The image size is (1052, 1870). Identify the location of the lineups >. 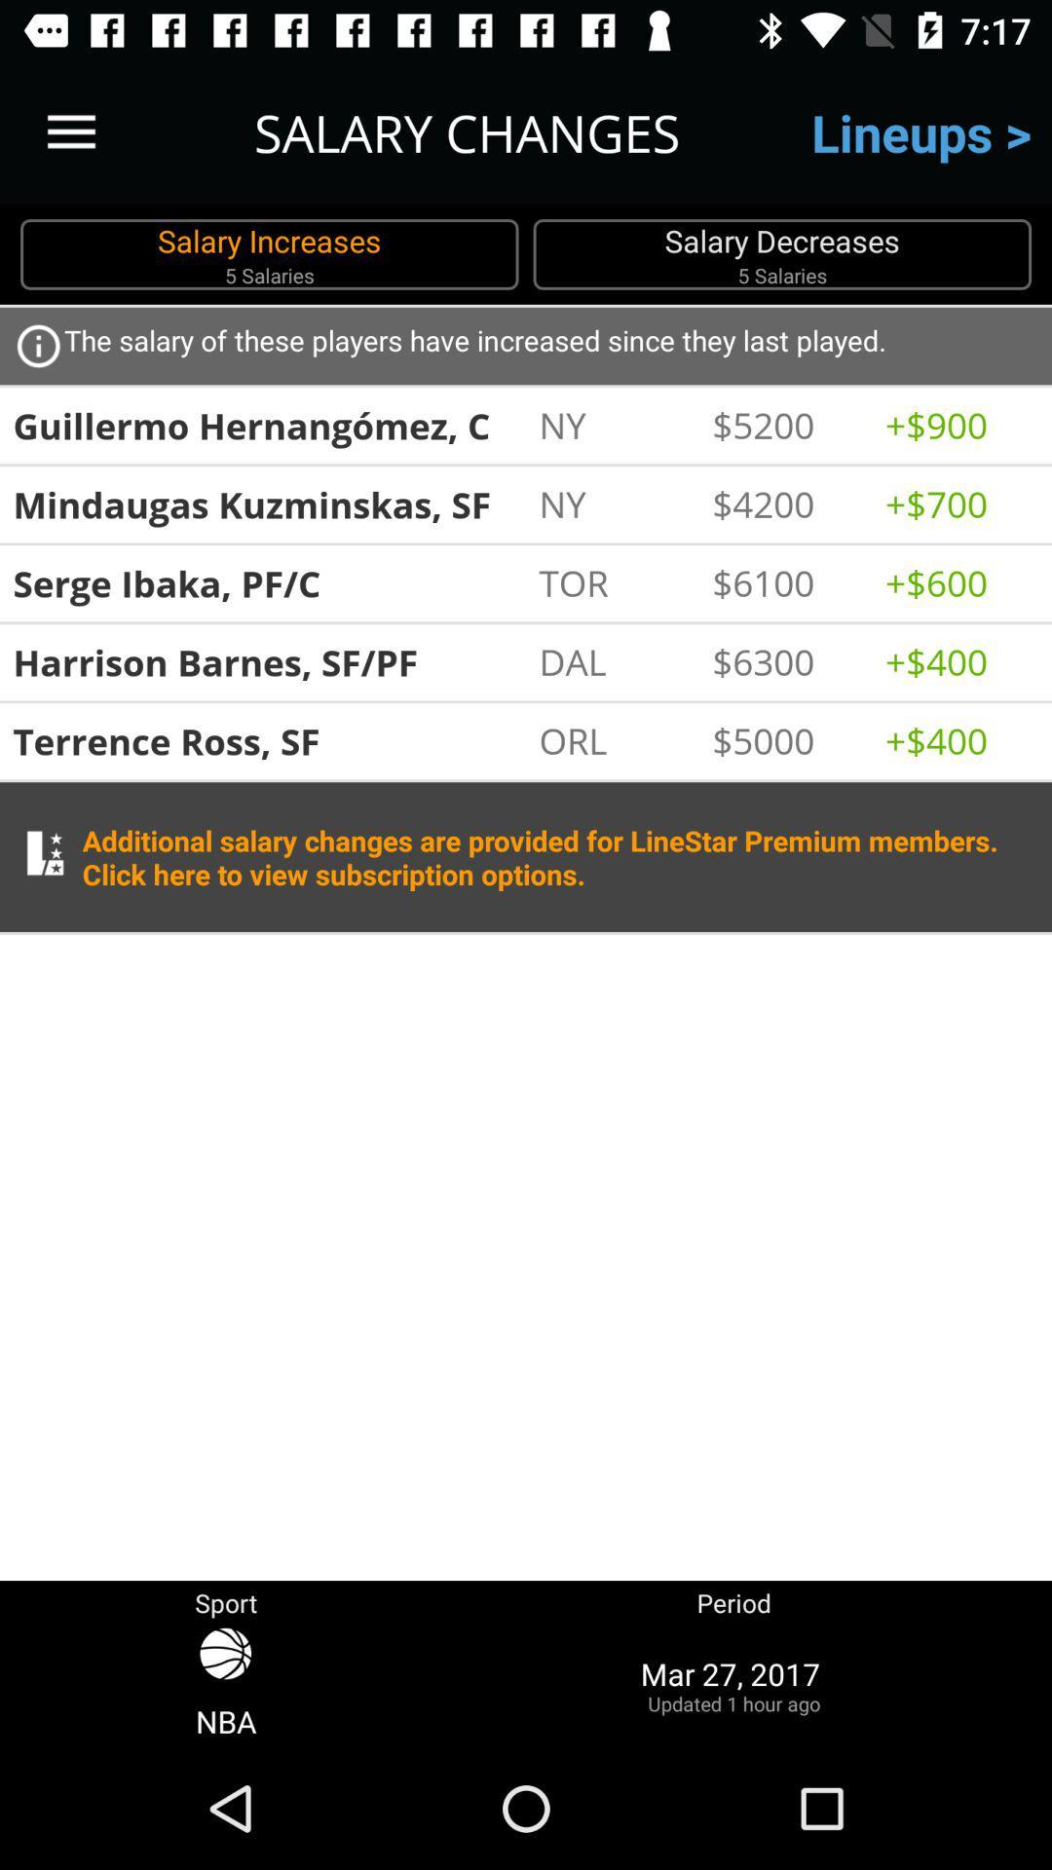
(920, 131).